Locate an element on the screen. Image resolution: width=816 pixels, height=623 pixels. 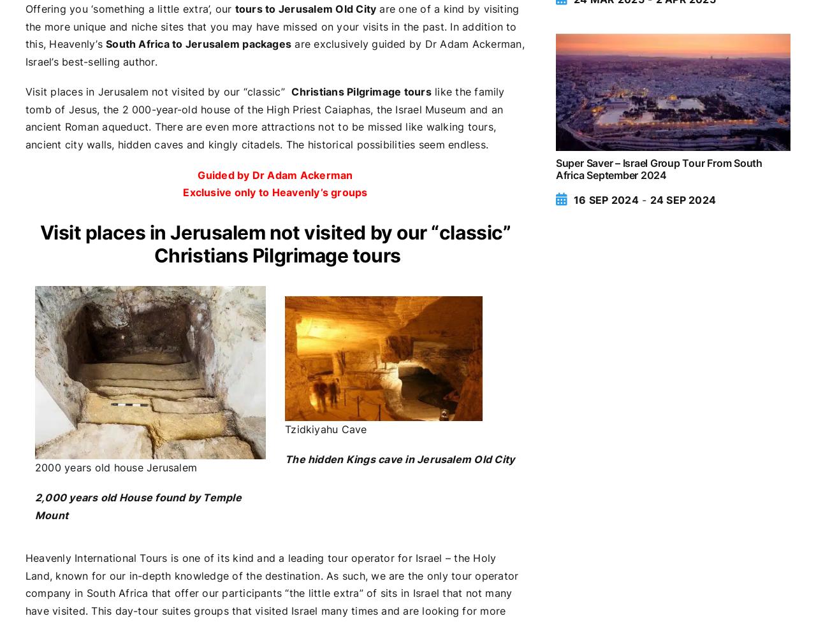
'2,000 years old House found by Temple Mount' is located at coordinates (138, 505).